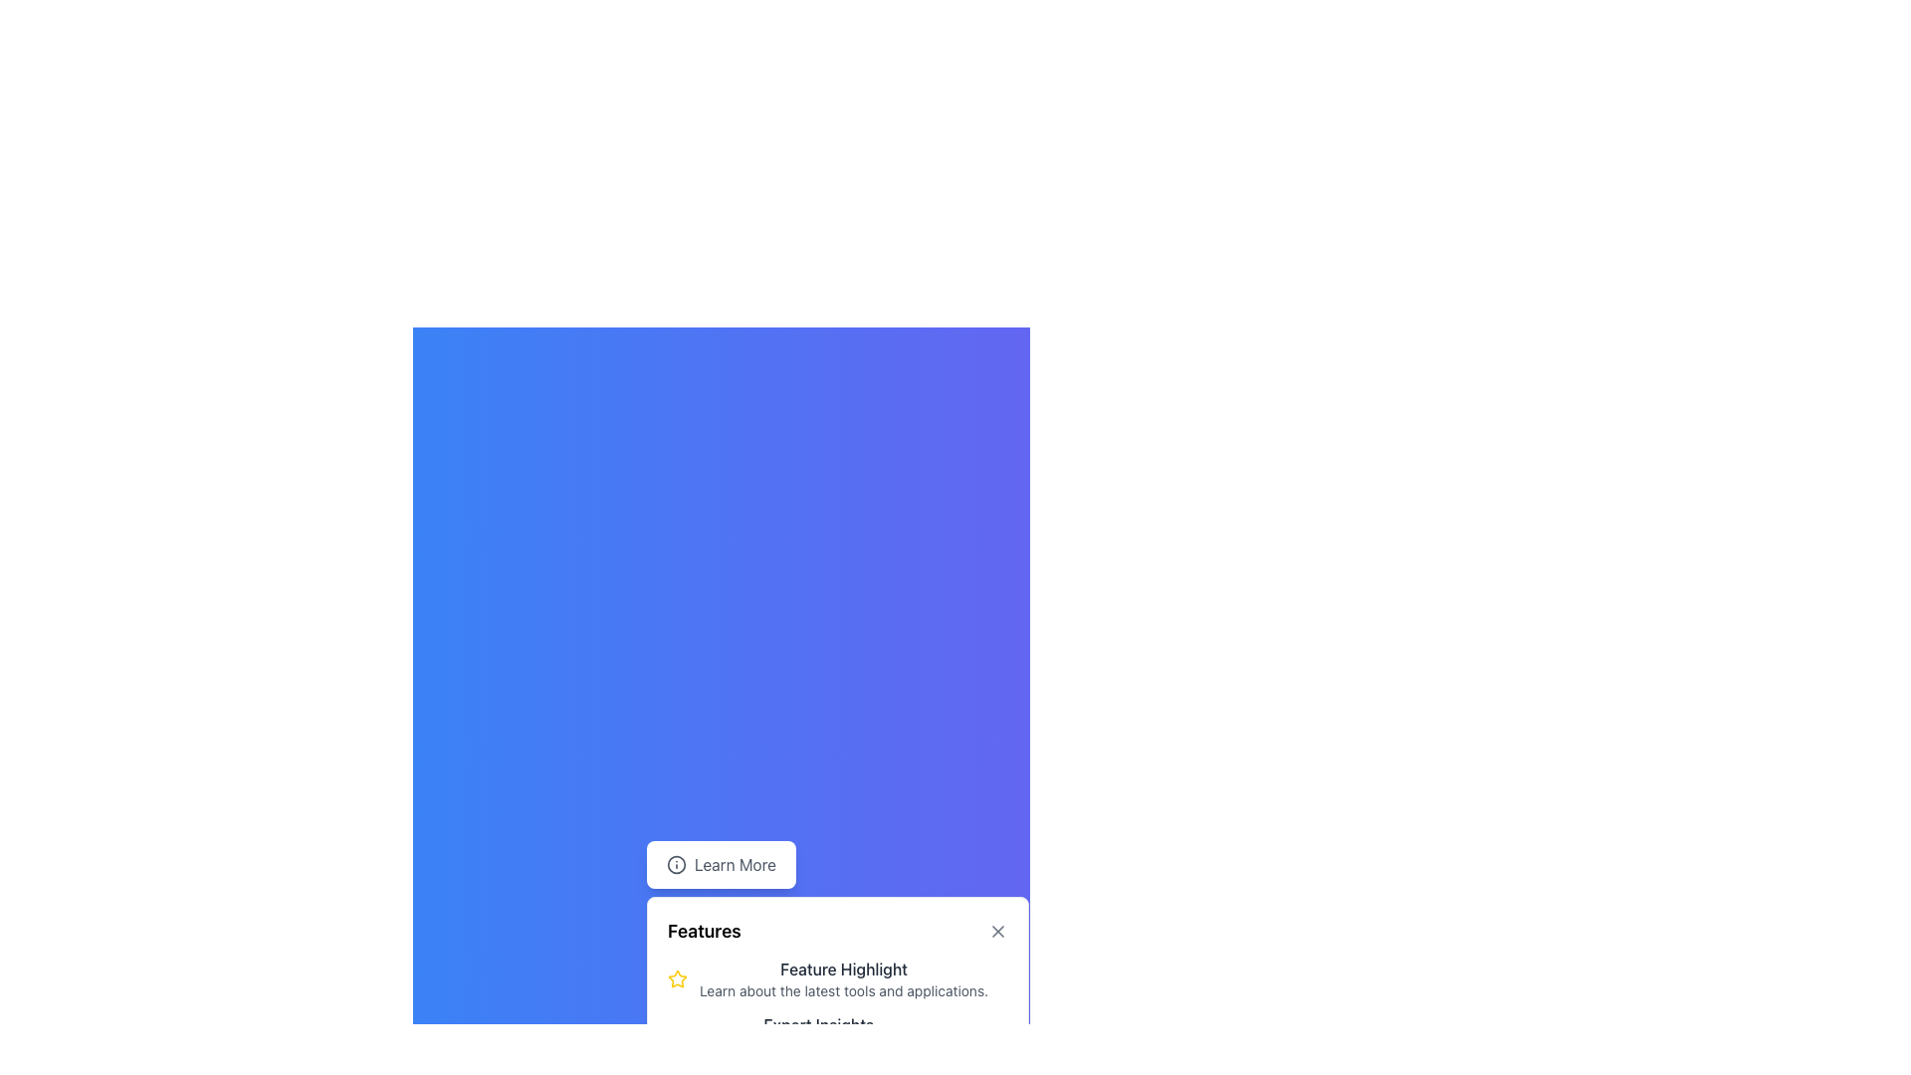 The image size is (1911, 1075). Describe the element at coordinates (837, 1006) in the screenshot. I see `the text block labeled 'Feature Highlight' that includes a yellow star icon and describes the latest tools and applications` at that location.